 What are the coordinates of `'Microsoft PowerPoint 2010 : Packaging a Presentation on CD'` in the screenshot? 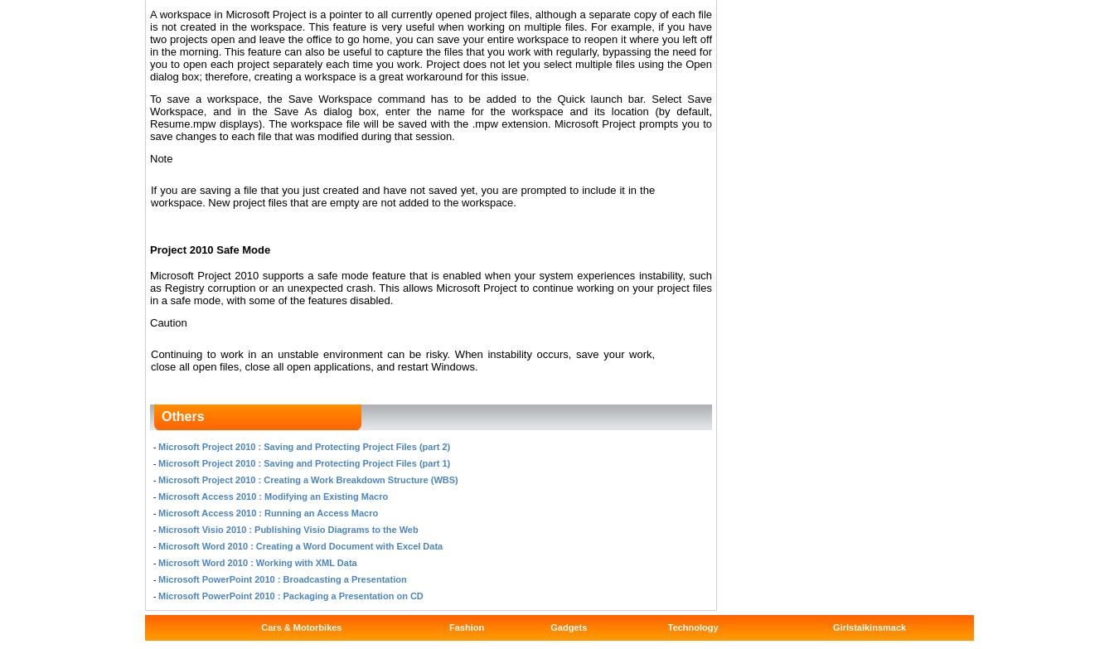 It's located at (290, 594).